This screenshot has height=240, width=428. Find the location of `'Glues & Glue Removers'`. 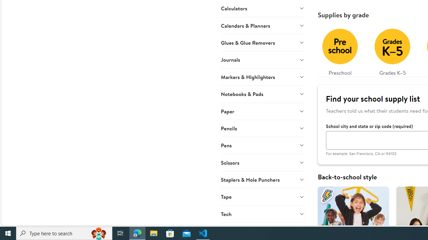

'Glues & Glue Removers' is located at coordinates (262, 42).